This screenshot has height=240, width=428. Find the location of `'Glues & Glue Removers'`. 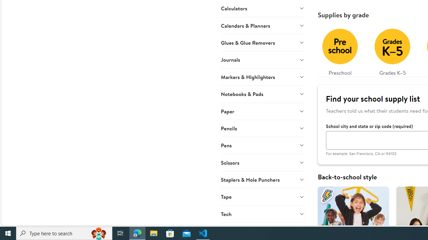

'Glues & Glue Removers' is located at coordinates (262, 42).